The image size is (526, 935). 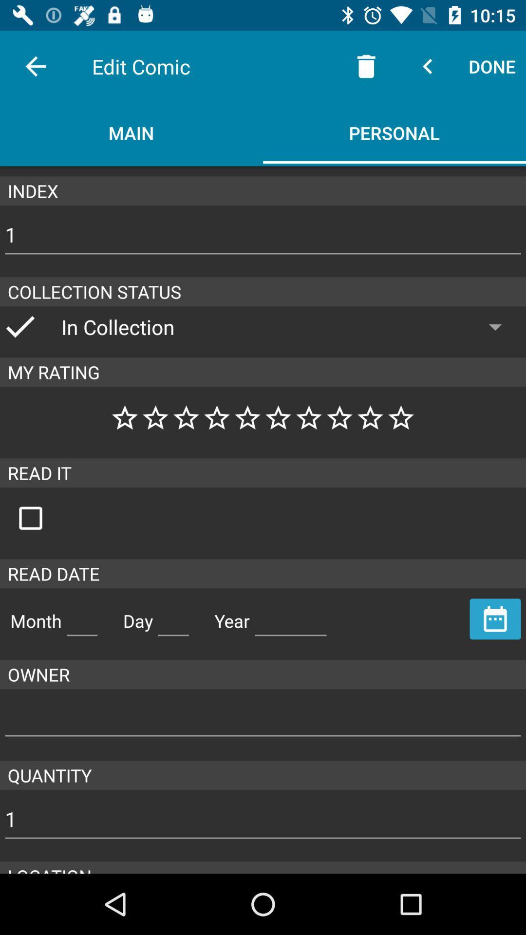 I want to click on typing box, so click(x=290, y=617).